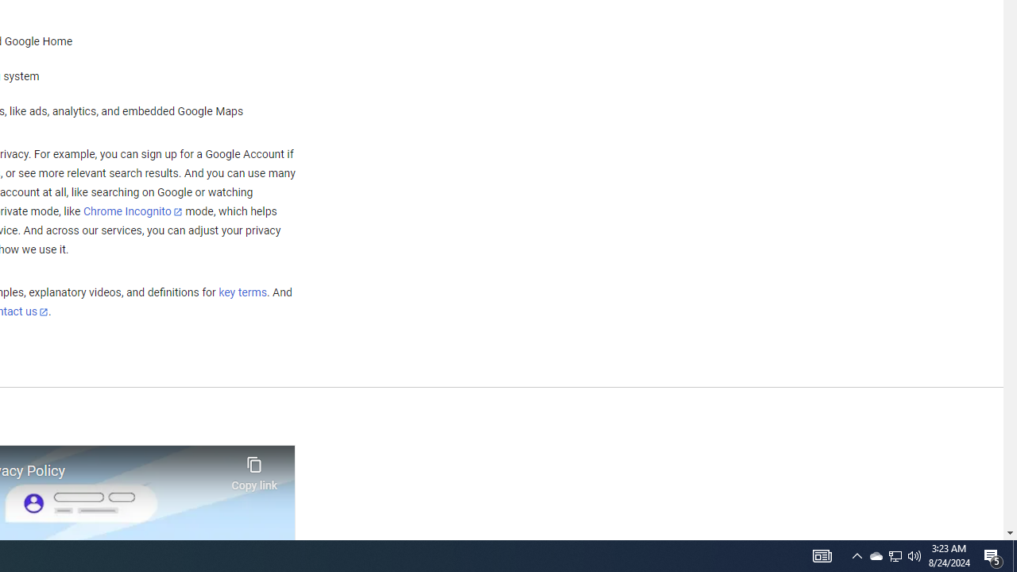 Image resolution: width=1017 pixels, height=572 pixels. What do you see at coordinates (242, 292) in the screenshot?
I see `'key terms'` at bounding box center [242, 292].